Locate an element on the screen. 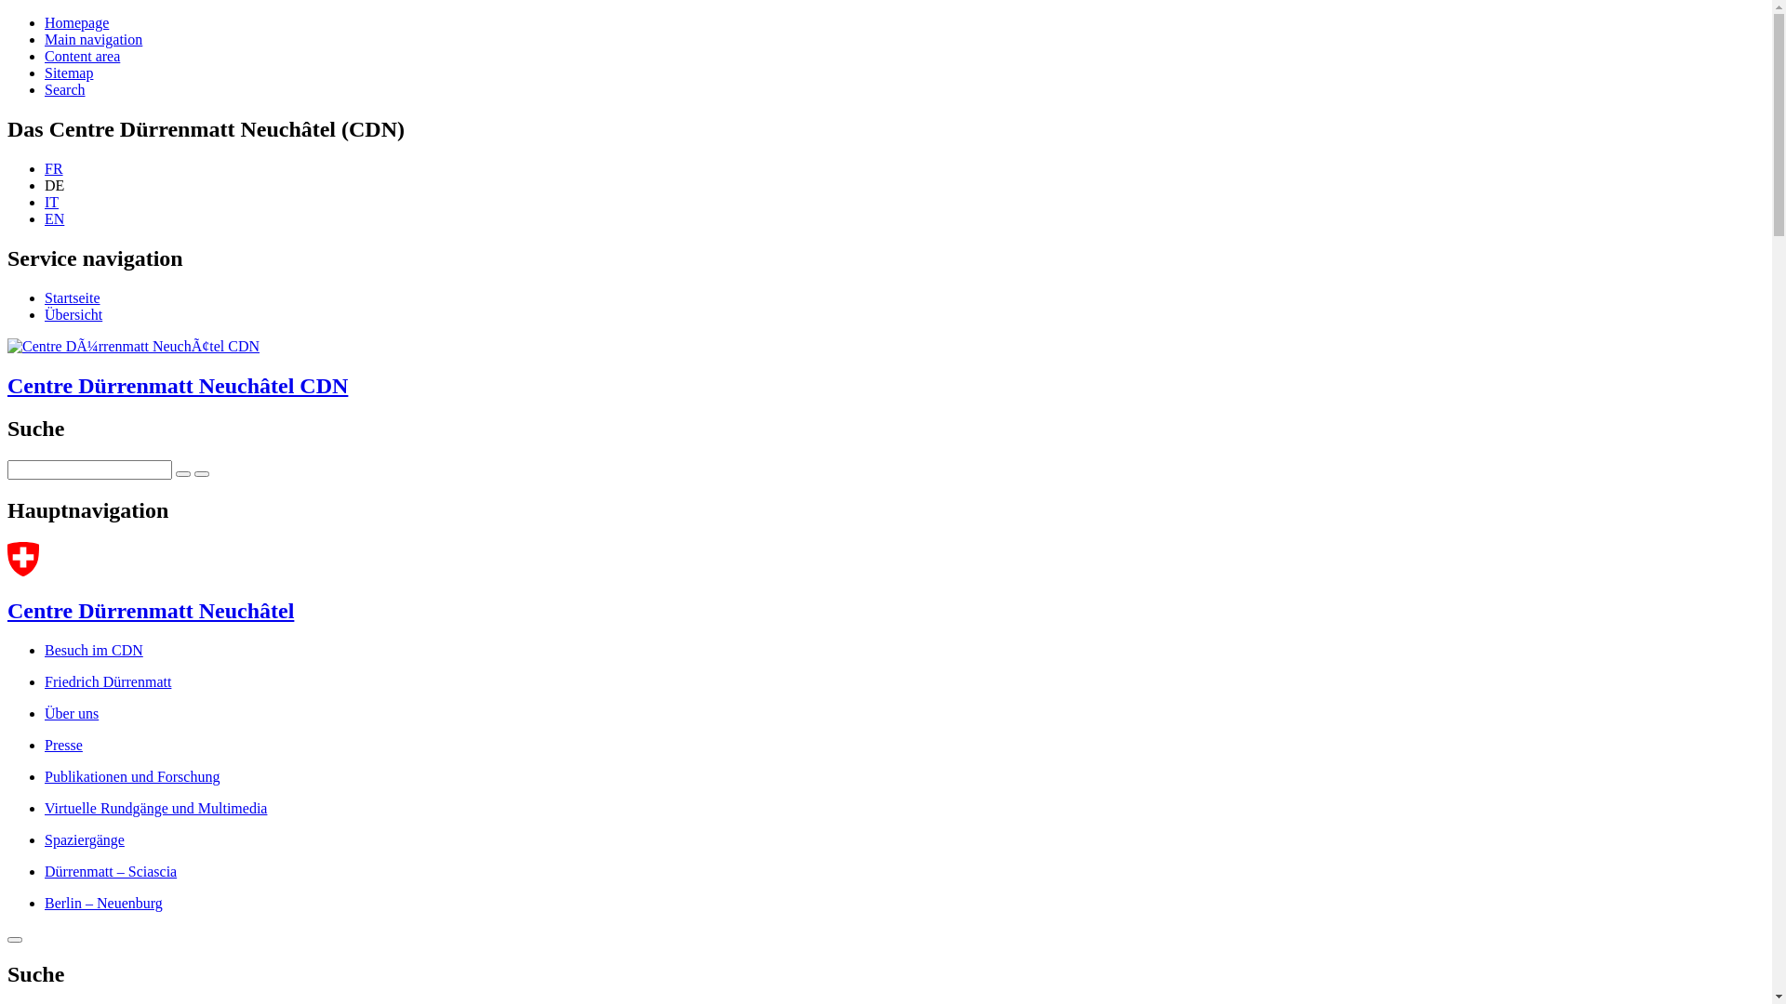  'Publikationen und Forschung' is located at coordinates (45, 776).